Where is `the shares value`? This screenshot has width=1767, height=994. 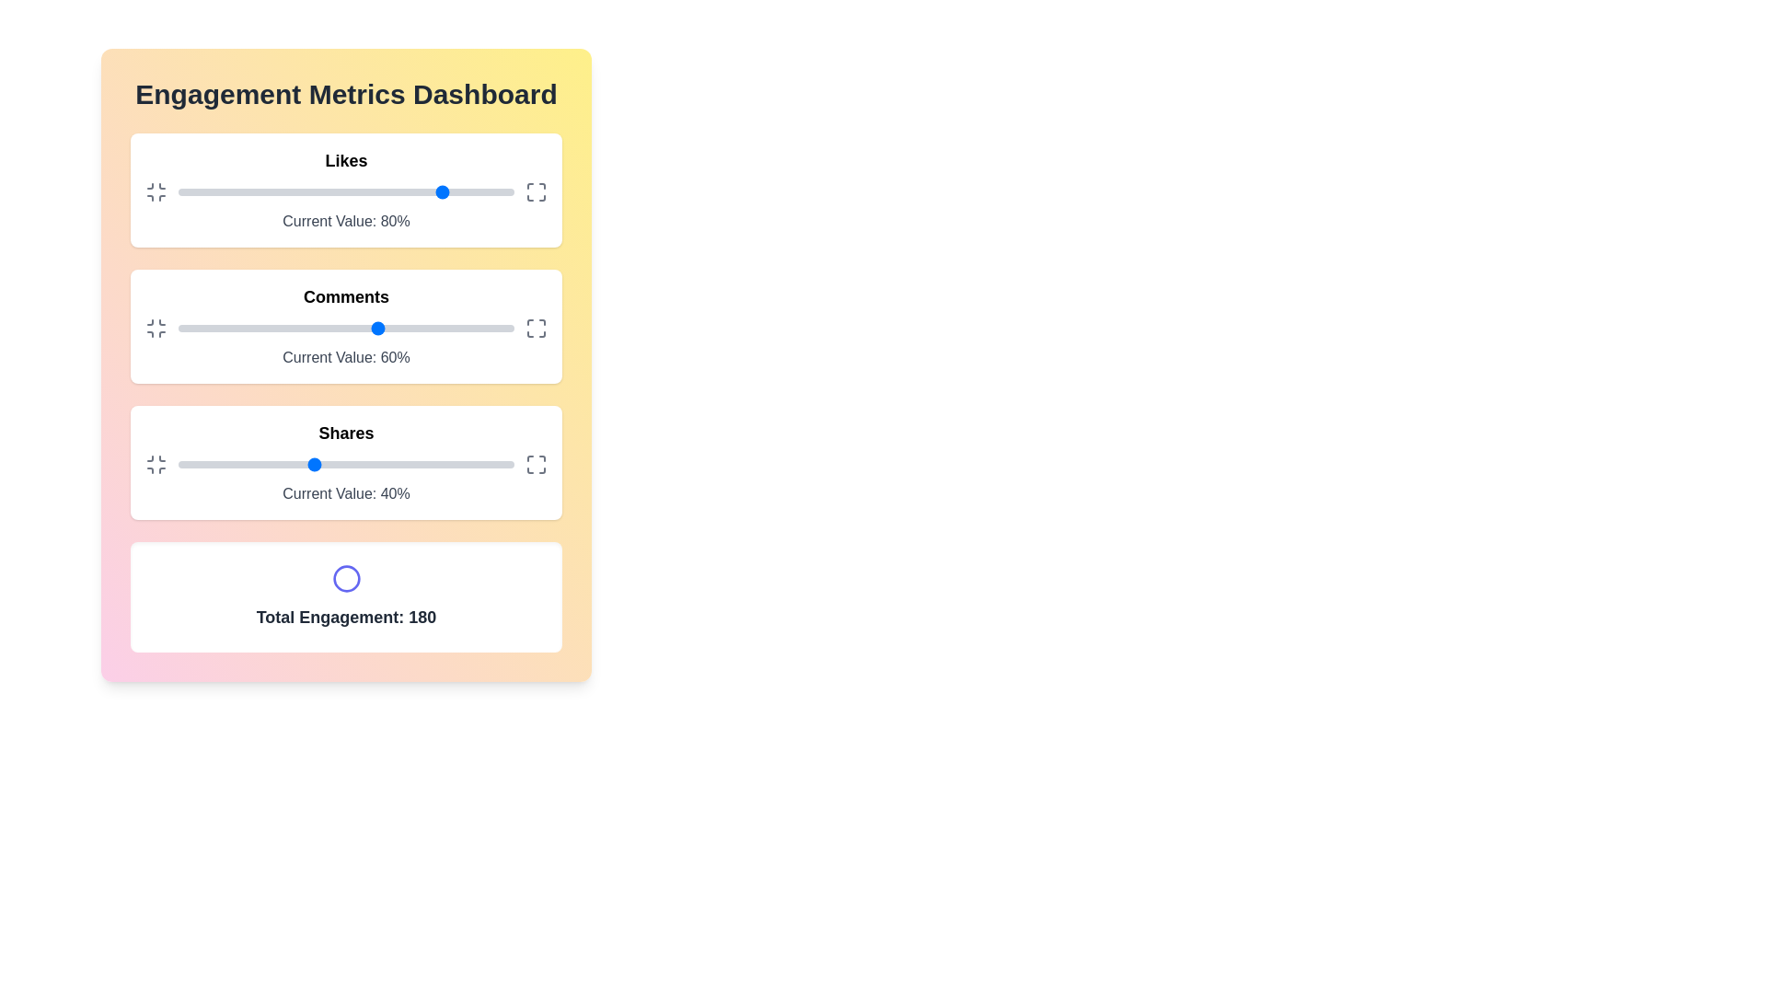
the shares value is located at coordinates (227, 464).